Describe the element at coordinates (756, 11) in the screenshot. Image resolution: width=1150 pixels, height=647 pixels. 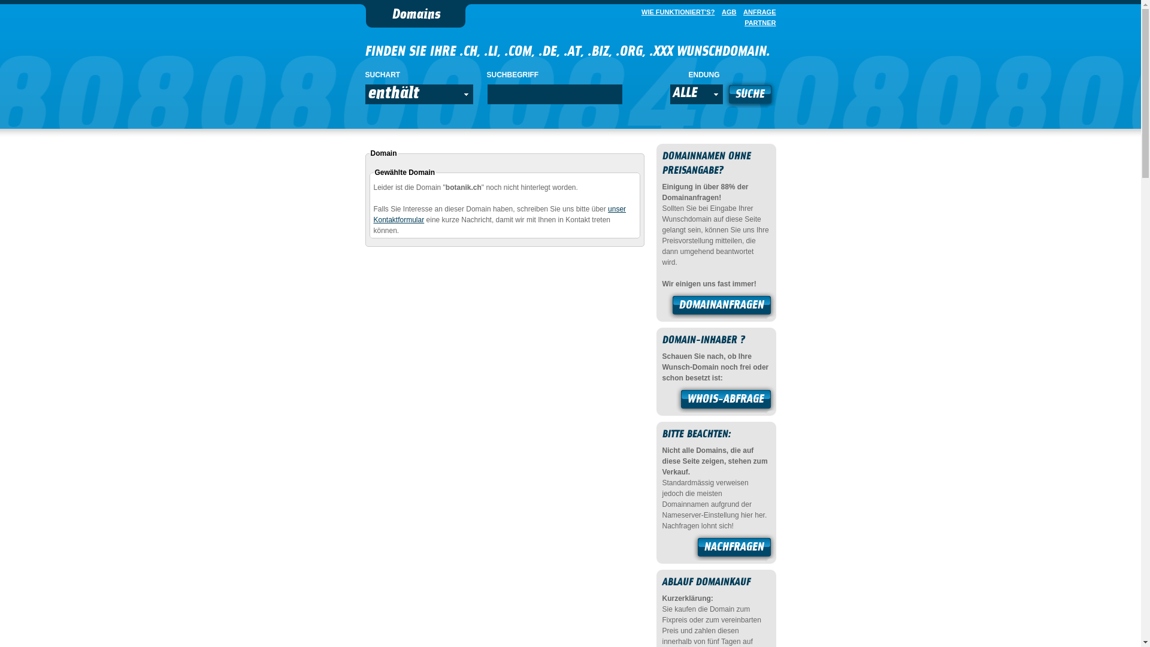
I see `'ANFRAGE'` at that location.